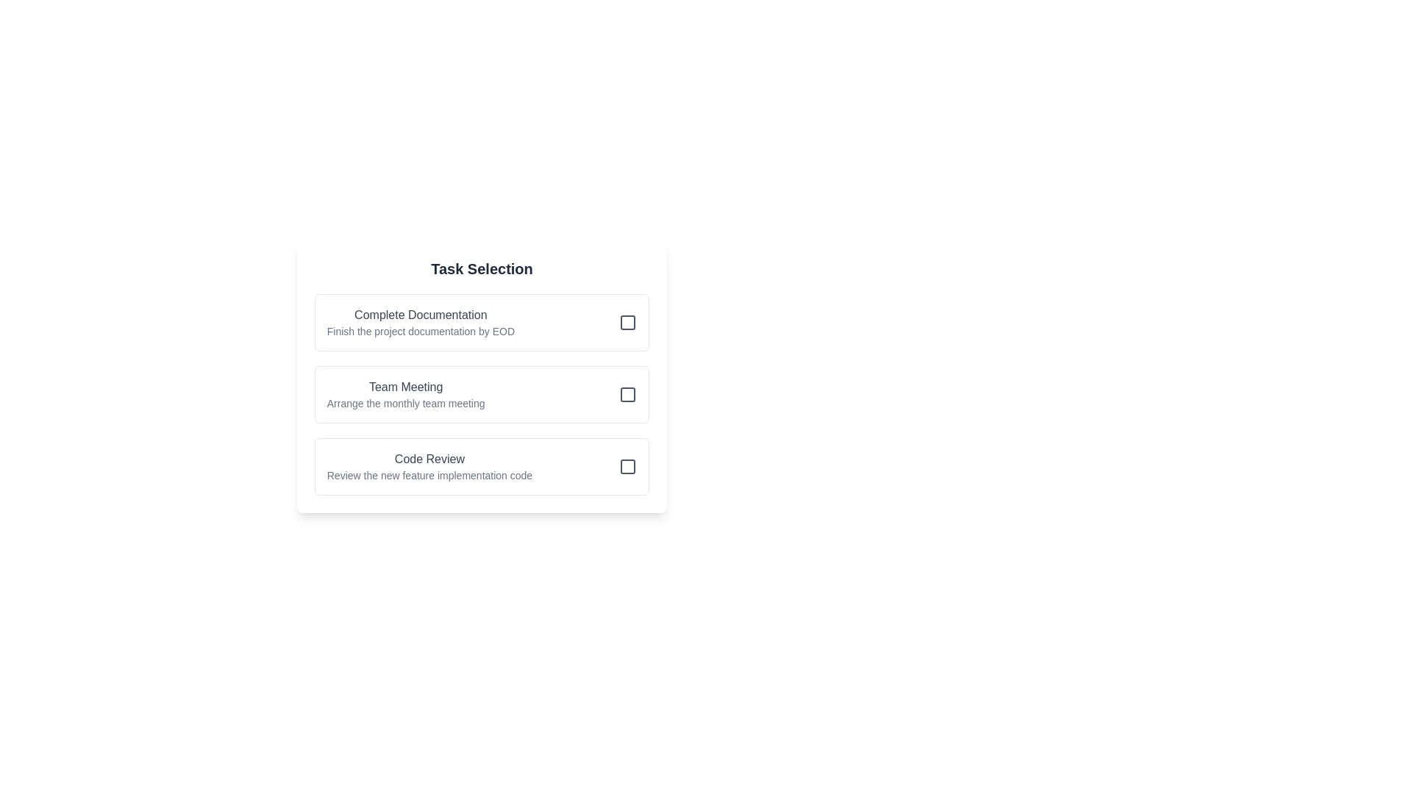  What do you see at coordinates (628, 322) in the screenshot?
I see `the checkbox-like toggle button located on the far-right side of the 'Complete Documentation' row` at bounding box center [628, 322].